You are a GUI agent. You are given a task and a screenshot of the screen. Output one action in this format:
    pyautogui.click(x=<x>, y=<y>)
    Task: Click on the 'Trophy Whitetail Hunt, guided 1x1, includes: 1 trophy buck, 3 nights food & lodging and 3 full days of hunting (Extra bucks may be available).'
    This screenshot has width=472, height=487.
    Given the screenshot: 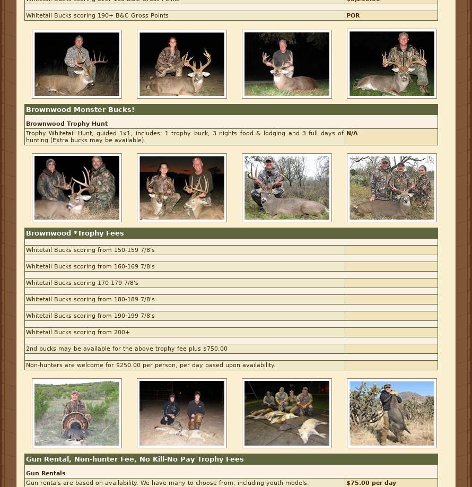 What is the action you would take?
    pyautogui.click(x=185, y=136)
    